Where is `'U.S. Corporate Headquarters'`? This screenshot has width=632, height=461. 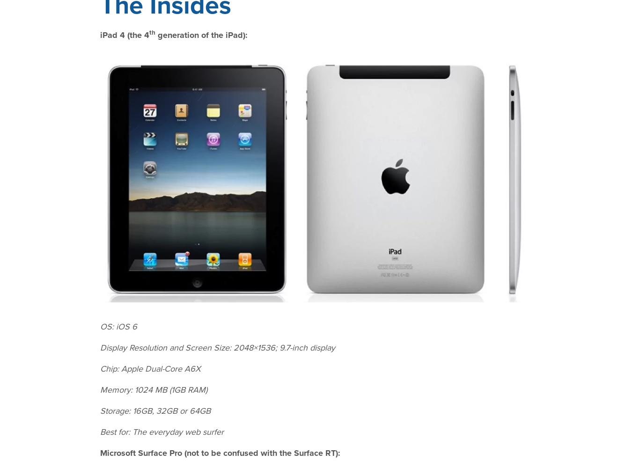 'U.S. Corporate Headquarters' is located at coordinates (488, 369).